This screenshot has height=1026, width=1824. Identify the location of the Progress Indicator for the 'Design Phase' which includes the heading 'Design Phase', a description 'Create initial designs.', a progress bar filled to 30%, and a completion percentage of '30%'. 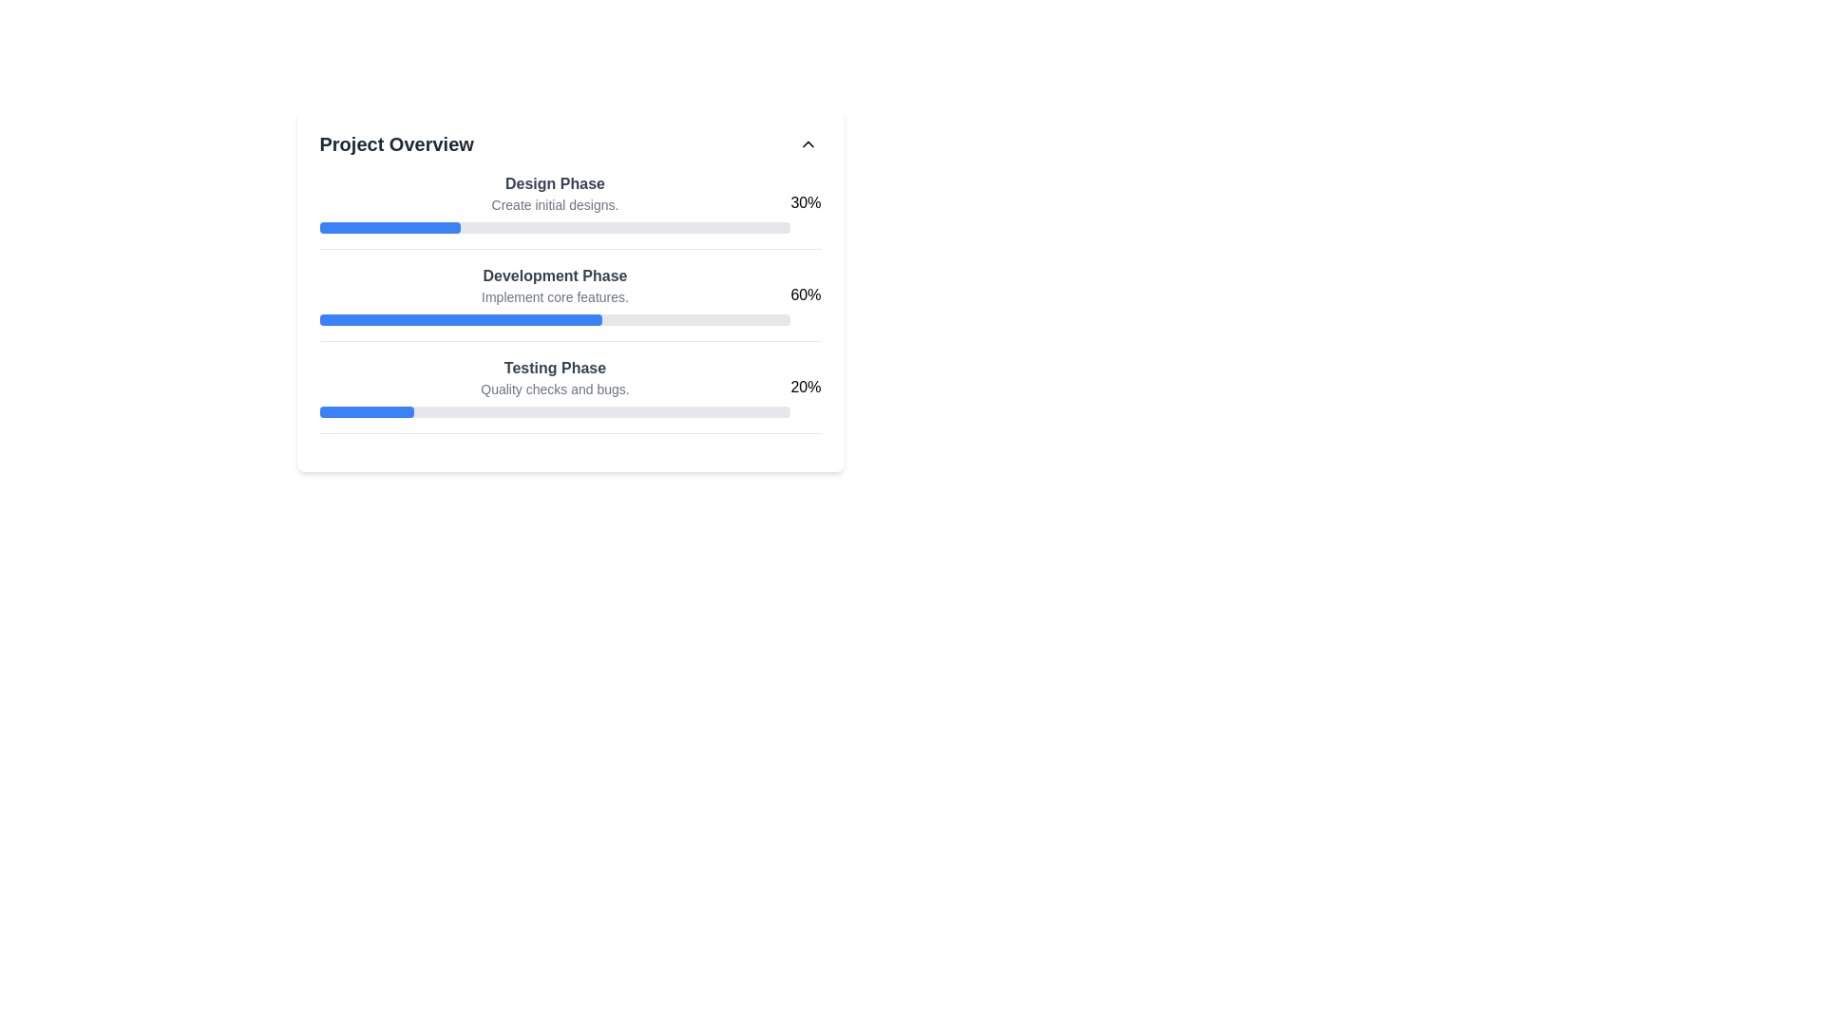
(569, 211).